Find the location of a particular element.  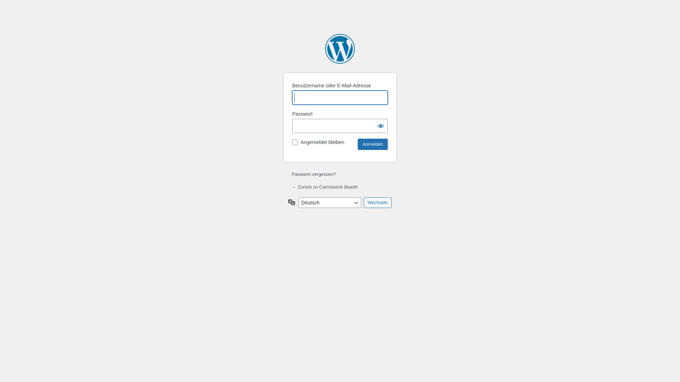

'Passwort vergessen?' is located at coordinates (313, 174).